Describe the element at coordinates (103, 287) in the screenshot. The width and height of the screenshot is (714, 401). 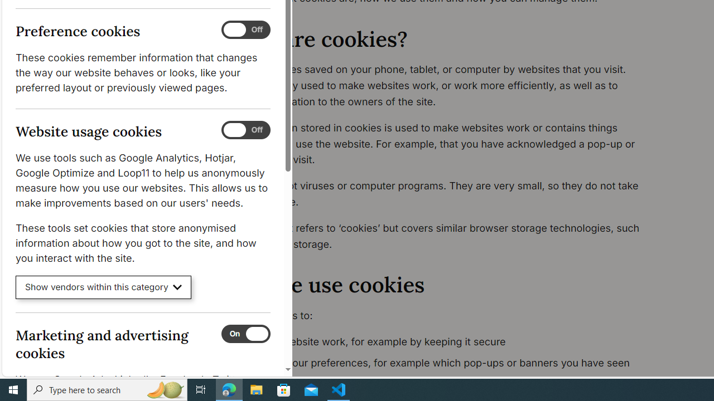
I see `'Show vendors within this category'` at that location.